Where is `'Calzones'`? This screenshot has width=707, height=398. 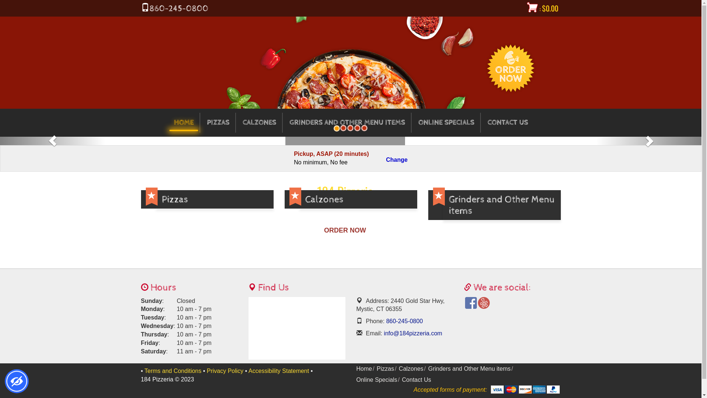
'Calzones' is located at coordinates (350, 199).